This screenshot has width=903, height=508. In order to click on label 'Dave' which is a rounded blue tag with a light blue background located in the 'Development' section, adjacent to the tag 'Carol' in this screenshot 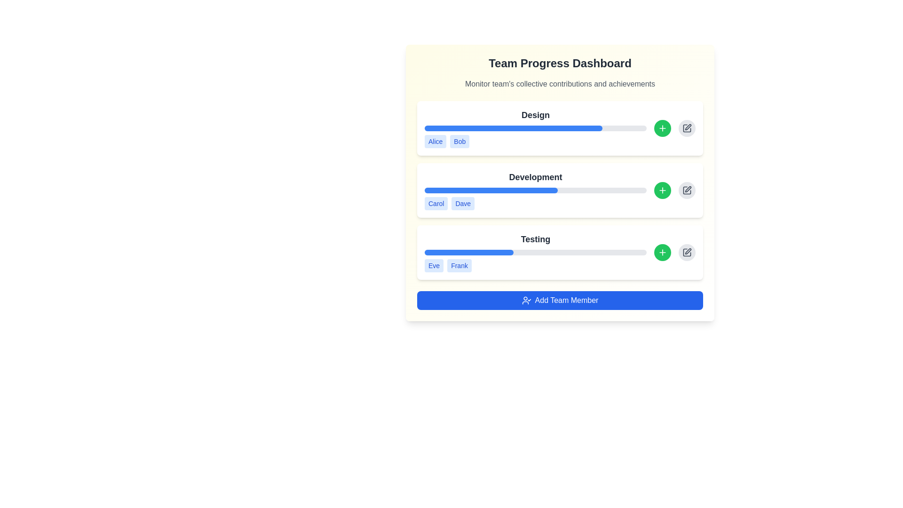, I will do `click(463, 203)`.